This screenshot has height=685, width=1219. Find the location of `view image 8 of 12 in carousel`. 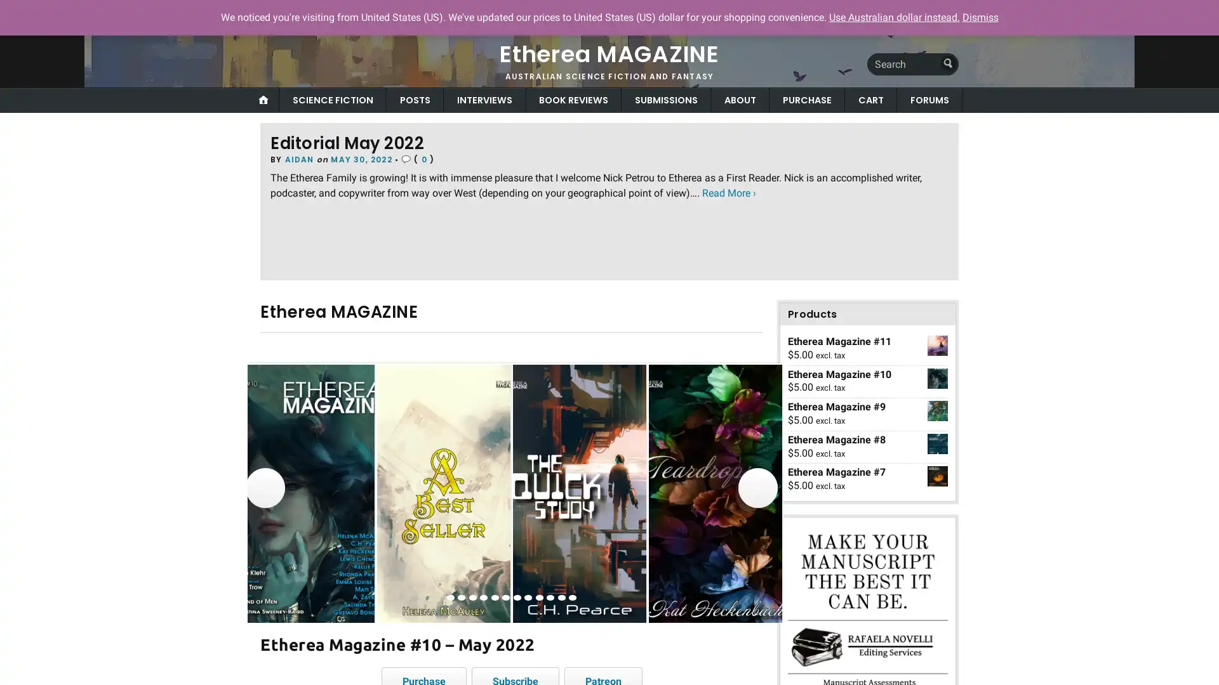

view image 8 of 12 in carousel is located at coordinates (528, 597).